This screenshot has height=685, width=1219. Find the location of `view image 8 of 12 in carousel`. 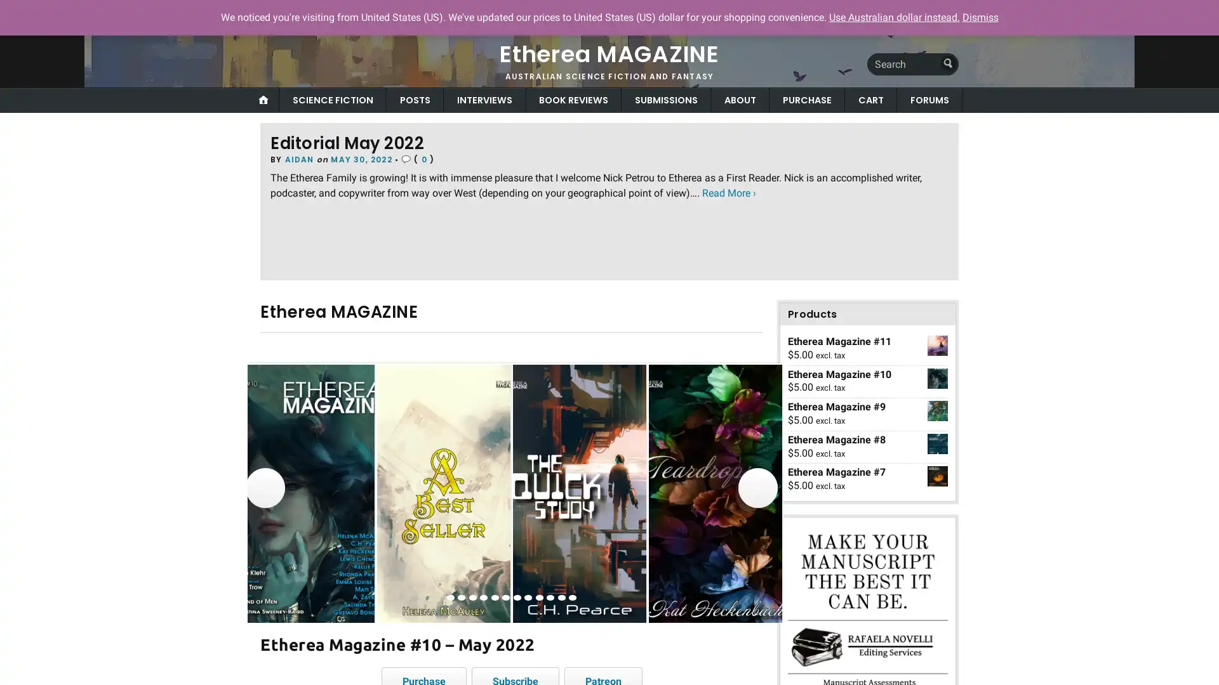

view image 8 of 12 in carousel is located at coordinates (528, 597).